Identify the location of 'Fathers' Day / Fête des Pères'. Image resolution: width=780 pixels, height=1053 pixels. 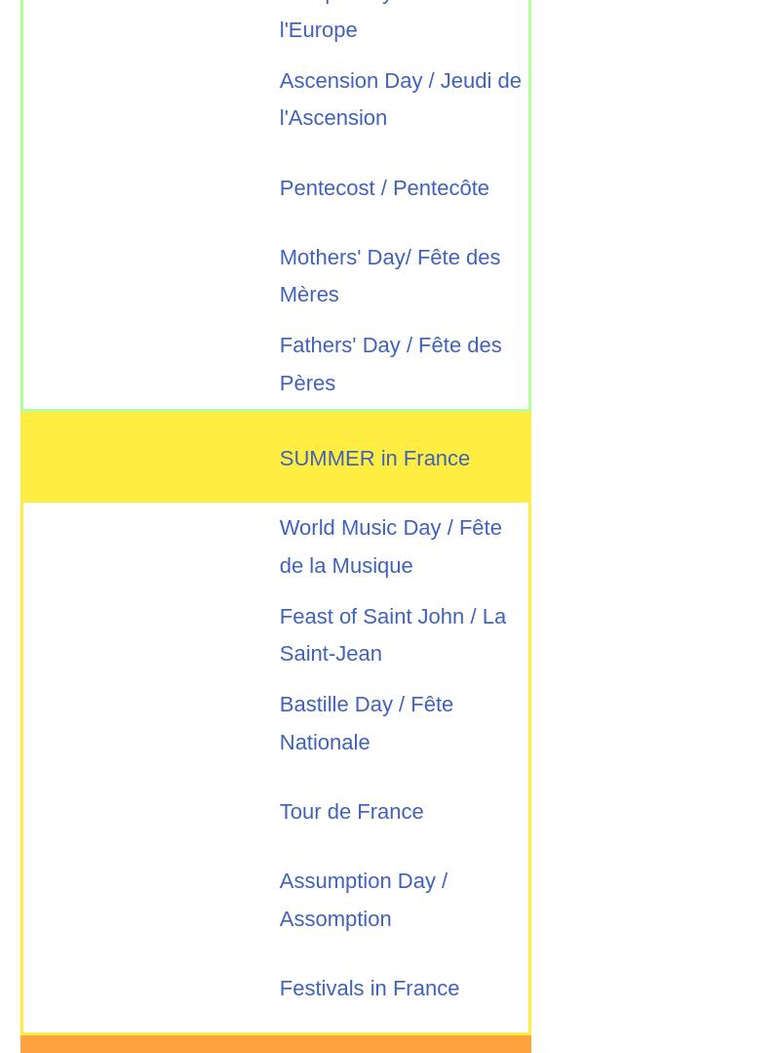
(279, 363).